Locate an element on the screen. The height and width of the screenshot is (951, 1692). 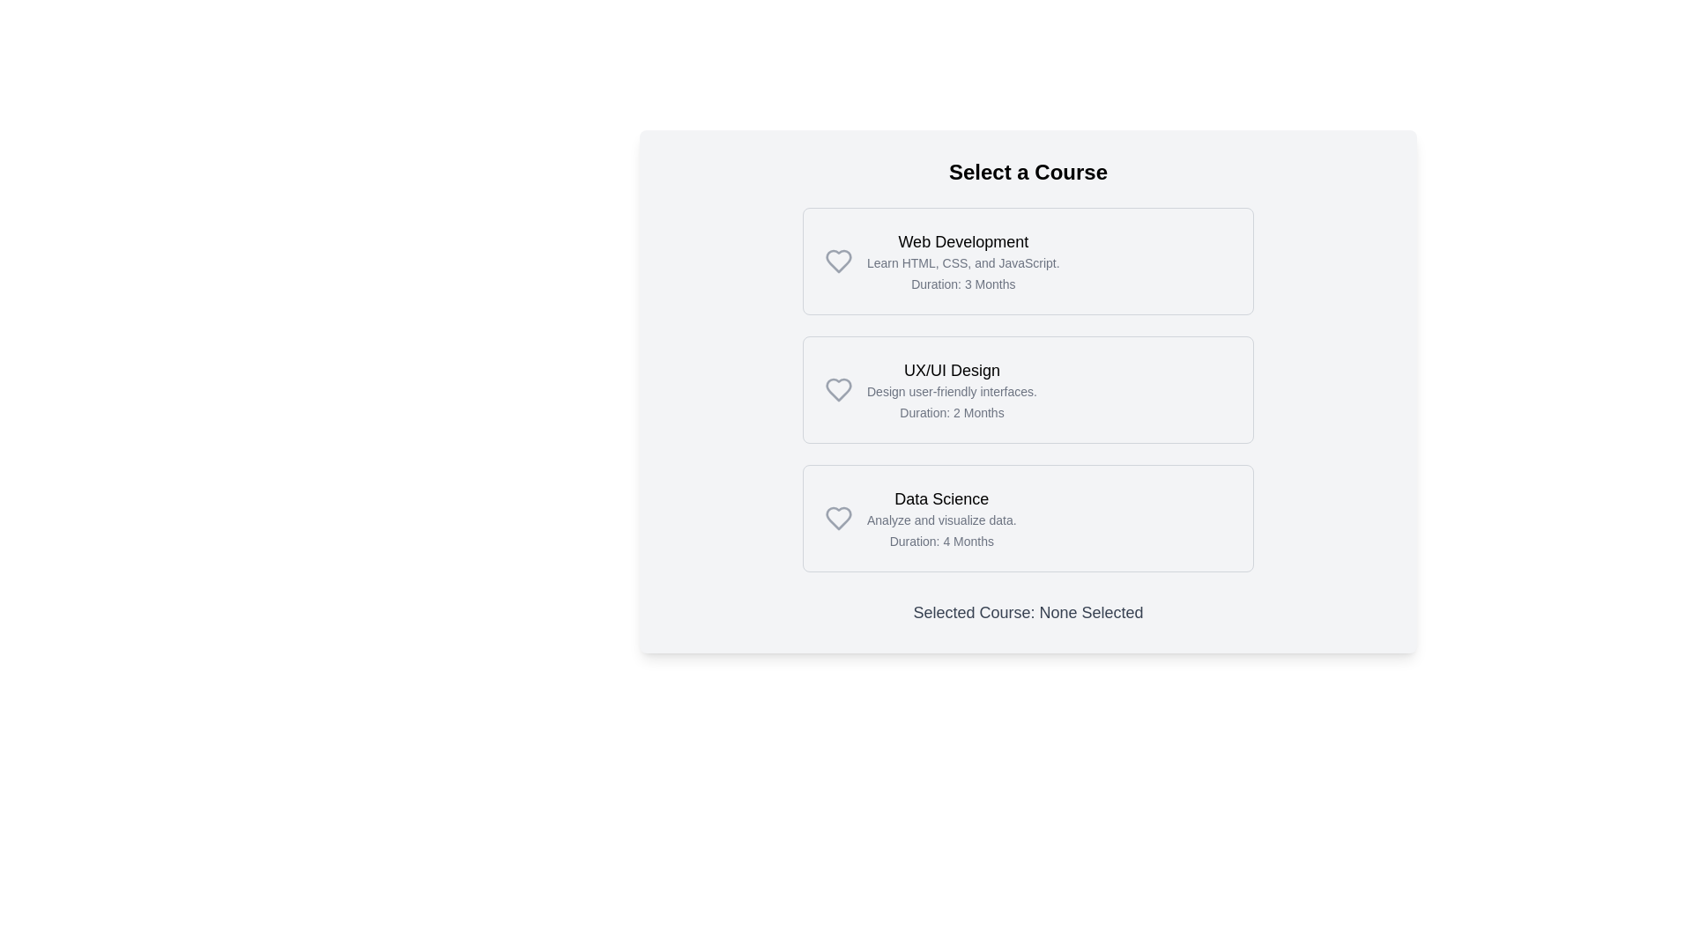
the Text block displaying information about the course titled 'UX/UI Design', which is the second element among three vertical blocks is located at coordinates (951, 389).